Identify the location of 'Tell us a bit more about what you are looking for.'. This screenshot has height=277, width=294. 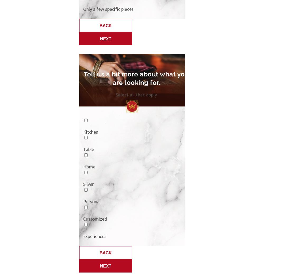
(136, 78).